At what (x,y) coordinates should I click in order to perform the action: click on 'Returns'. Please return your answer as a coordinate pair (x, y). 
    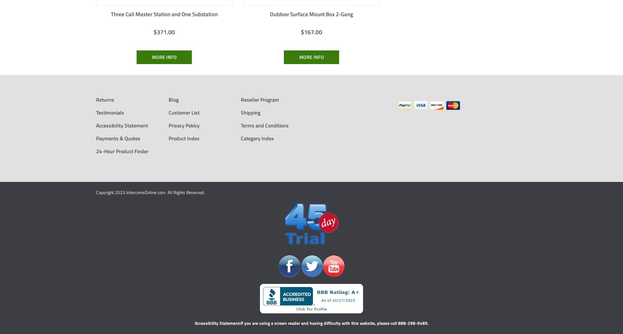
    Looking at the image, I should click on (105, 99).